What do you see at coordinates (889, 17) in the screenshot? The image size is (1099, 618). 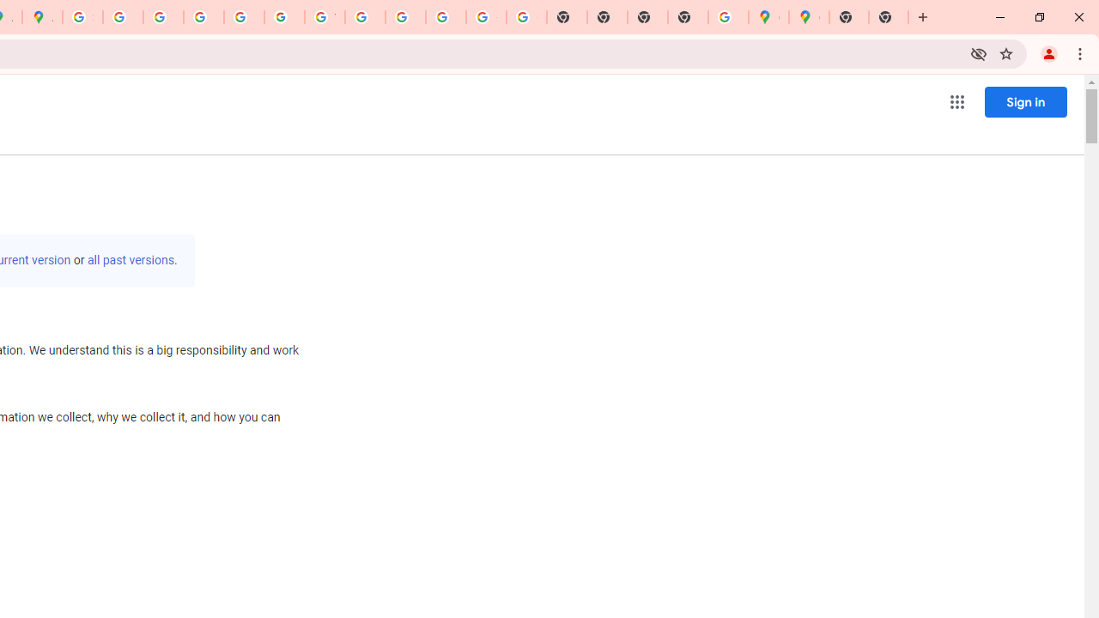 I see `'New Tab'` at bounding box center [889, 17].